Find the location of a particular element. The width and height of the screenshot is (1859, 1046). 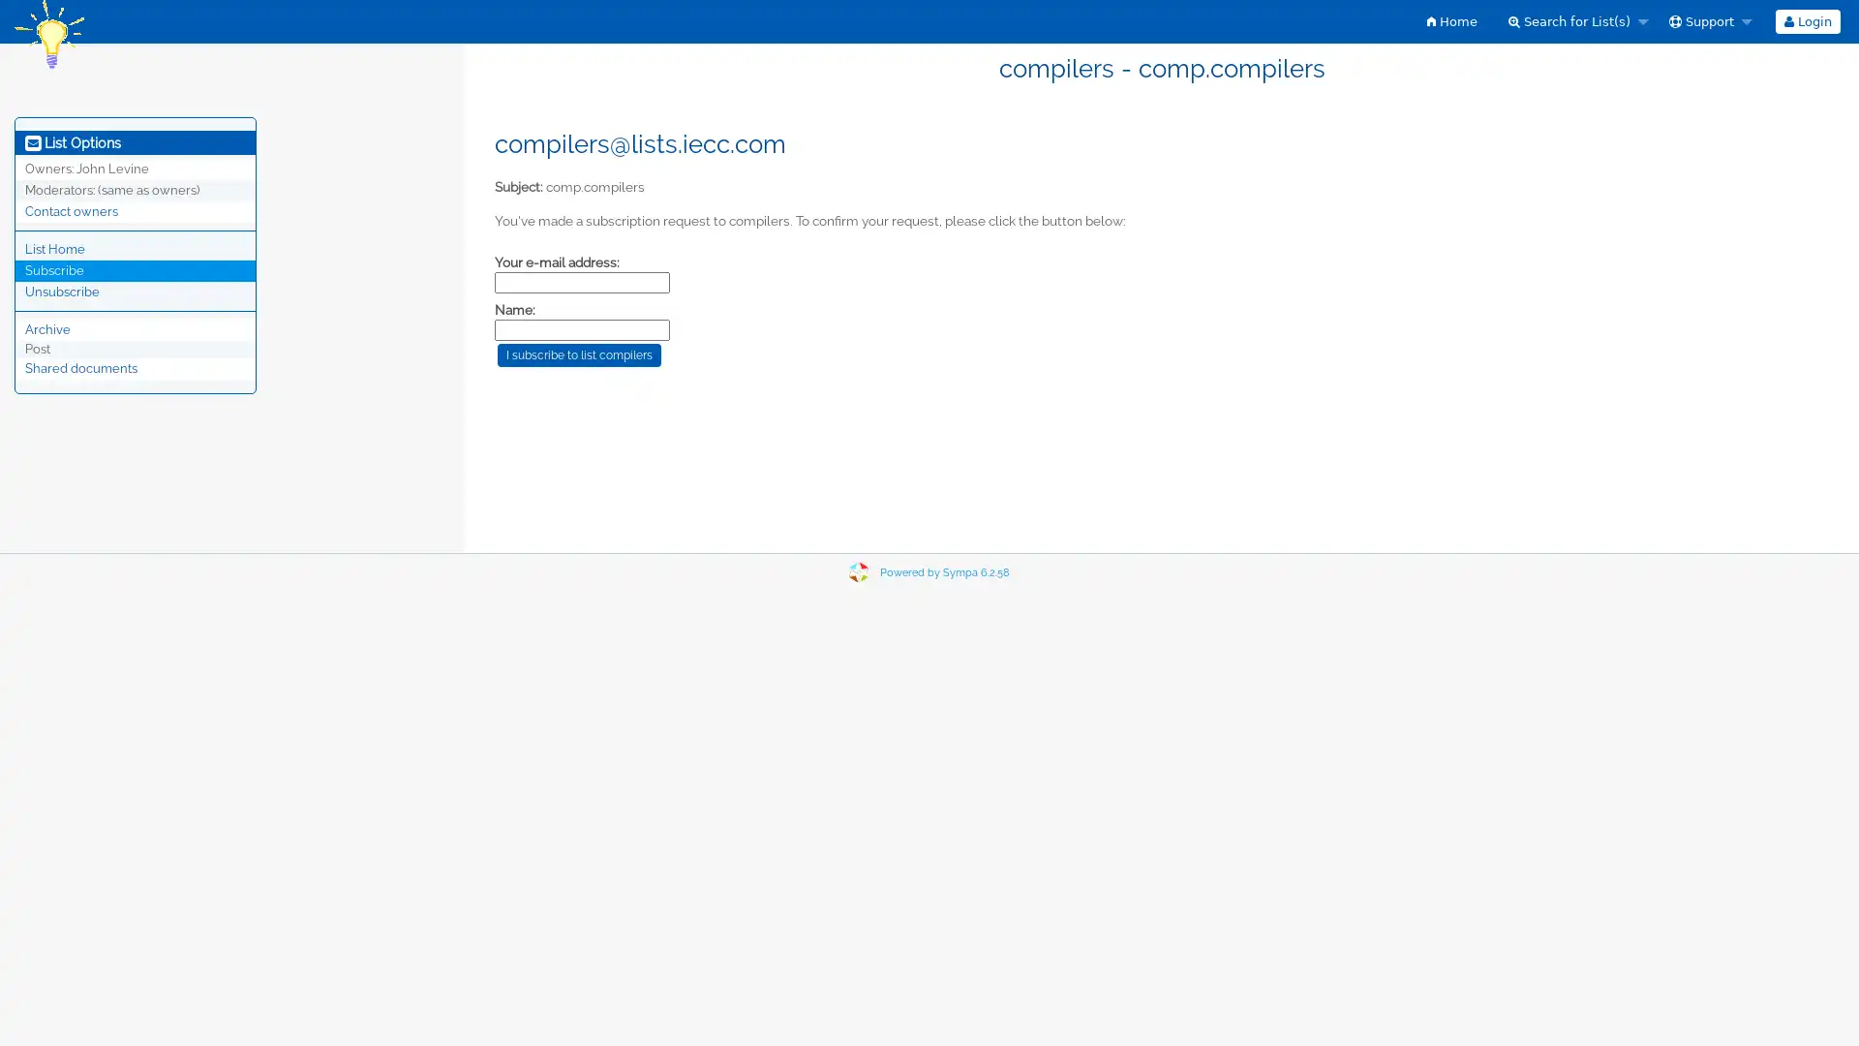

I subscribe to list compilers is located at coordinates (578, 354).